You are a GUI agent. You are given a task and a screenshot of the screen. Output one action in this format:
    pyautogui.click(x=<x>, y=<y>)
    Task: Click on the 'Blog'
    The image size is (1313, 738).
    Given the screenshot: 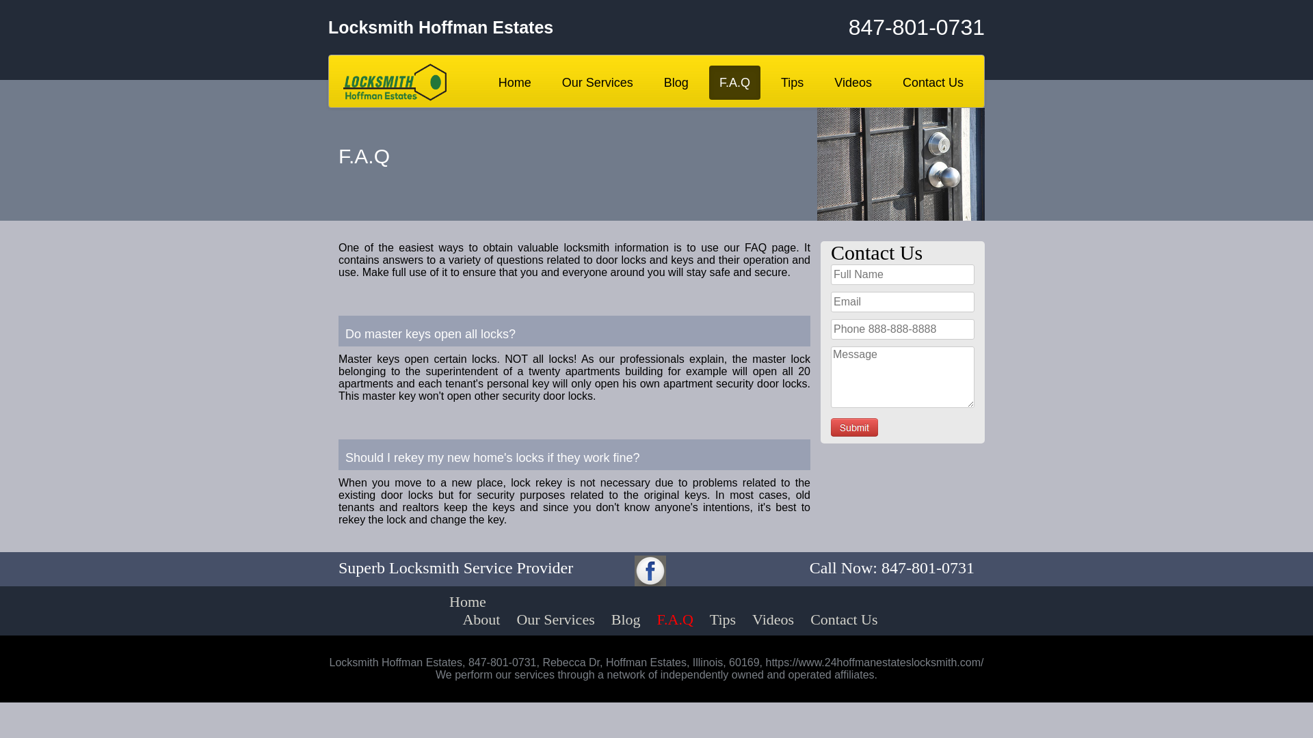 What is the action you would take?
    pyautogui.click(x=625, y=619)
    